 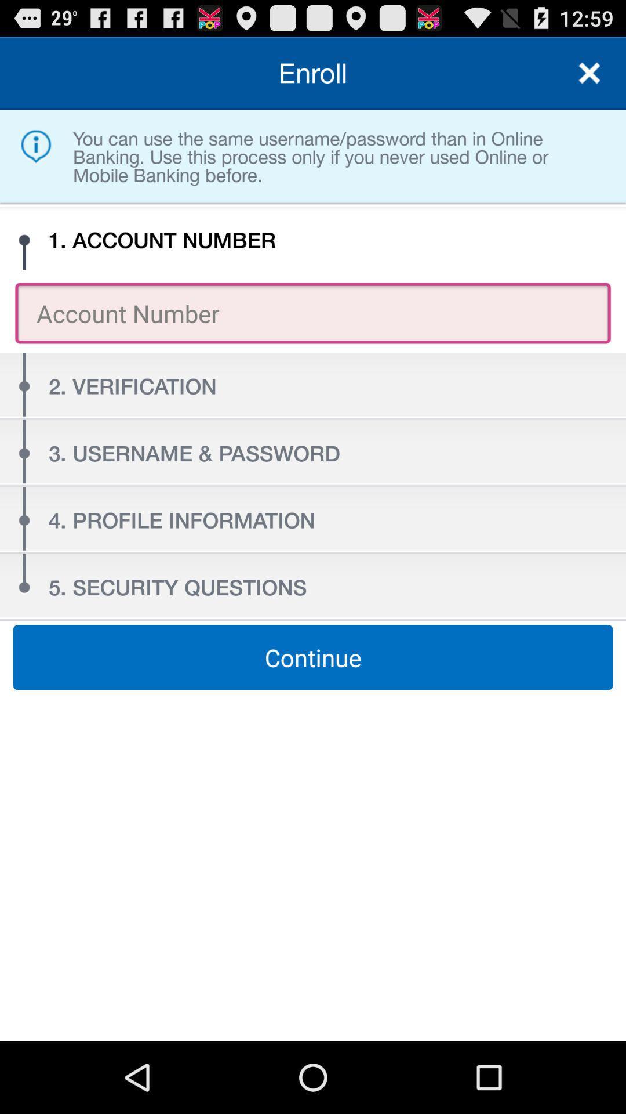 What do you see at coordinates (589, 72) in the screenshot?
I see `the icon at the top right corner` at bounding box center [589, 72].